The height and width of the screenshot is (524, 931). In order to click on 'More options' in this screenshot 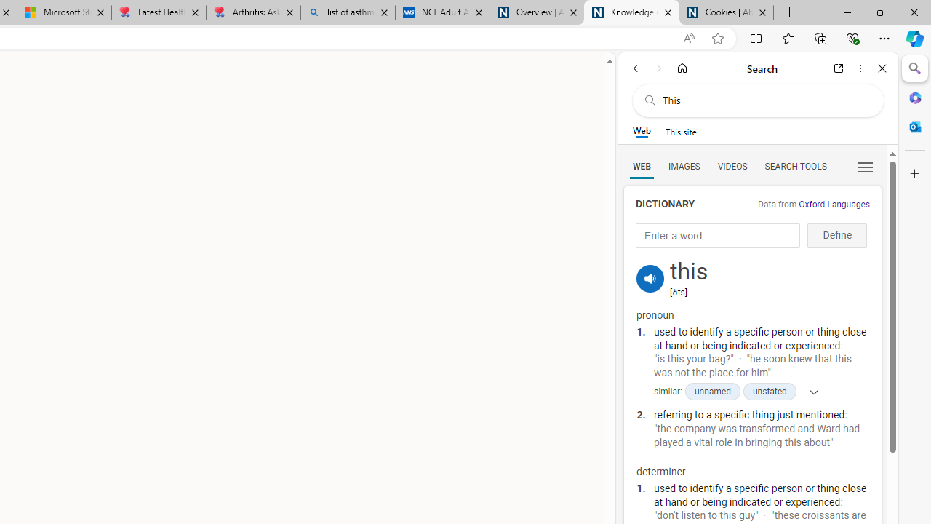, I will do `click(860, 68)`.